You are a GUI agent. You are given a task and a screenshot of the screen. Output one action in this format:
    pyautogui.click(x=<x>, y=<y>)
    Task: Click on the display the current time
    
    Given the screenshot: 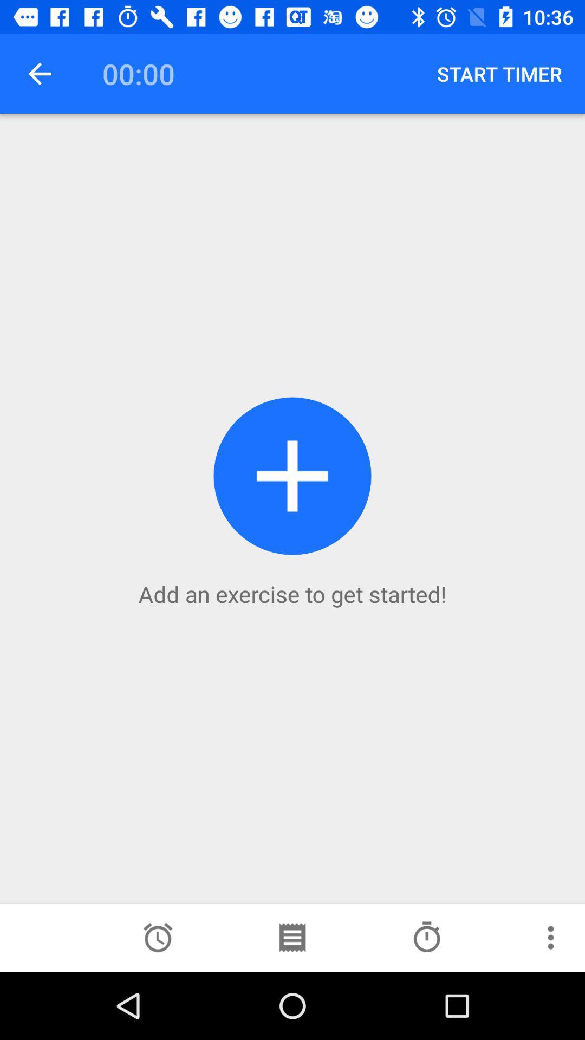 What is the action you would take?
    pyautogui.click(x=158, y=937)
    